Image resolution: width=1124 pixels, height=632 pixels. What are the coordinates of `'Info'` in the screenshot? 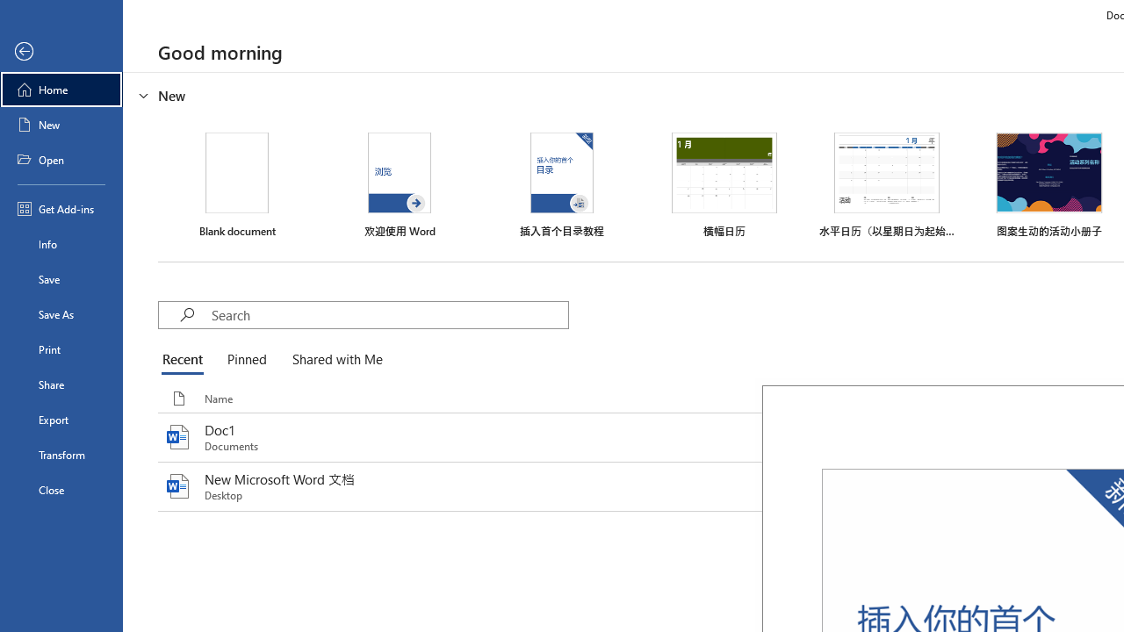 It's located at (61, 243).